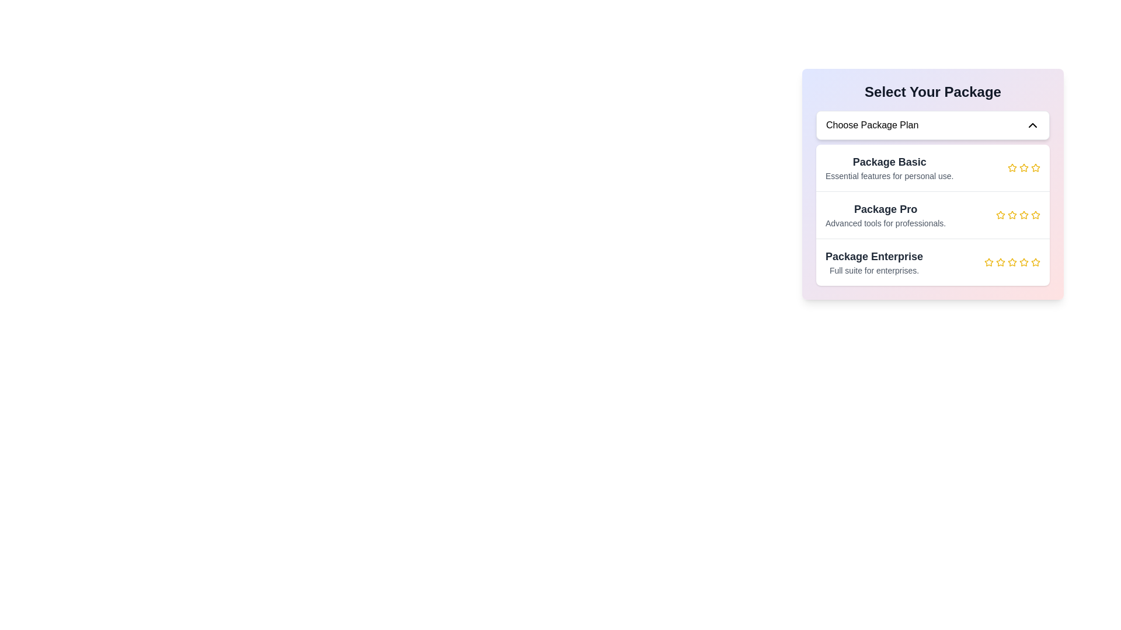 The width and height of the screenshot is (1121, 630). What do you see at coordinates (1023, 168) in the screenshot?
I see `the third star-shaped icon with a yellow outline, which represents a rating star, located adjacent to the 'Package Basic' label in the package selection card` at bounding box center [1023, 168].